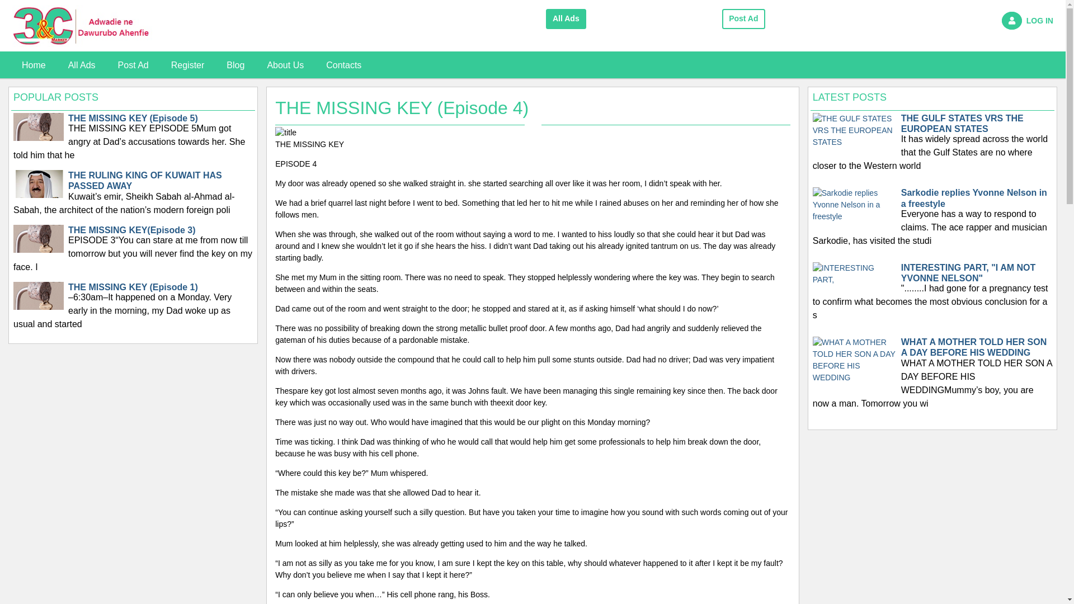 This screenshot has height=604, width=1074. Describe the element at coordinates (566, 19) in the screenshot. I see `'All Ads'` at that location.